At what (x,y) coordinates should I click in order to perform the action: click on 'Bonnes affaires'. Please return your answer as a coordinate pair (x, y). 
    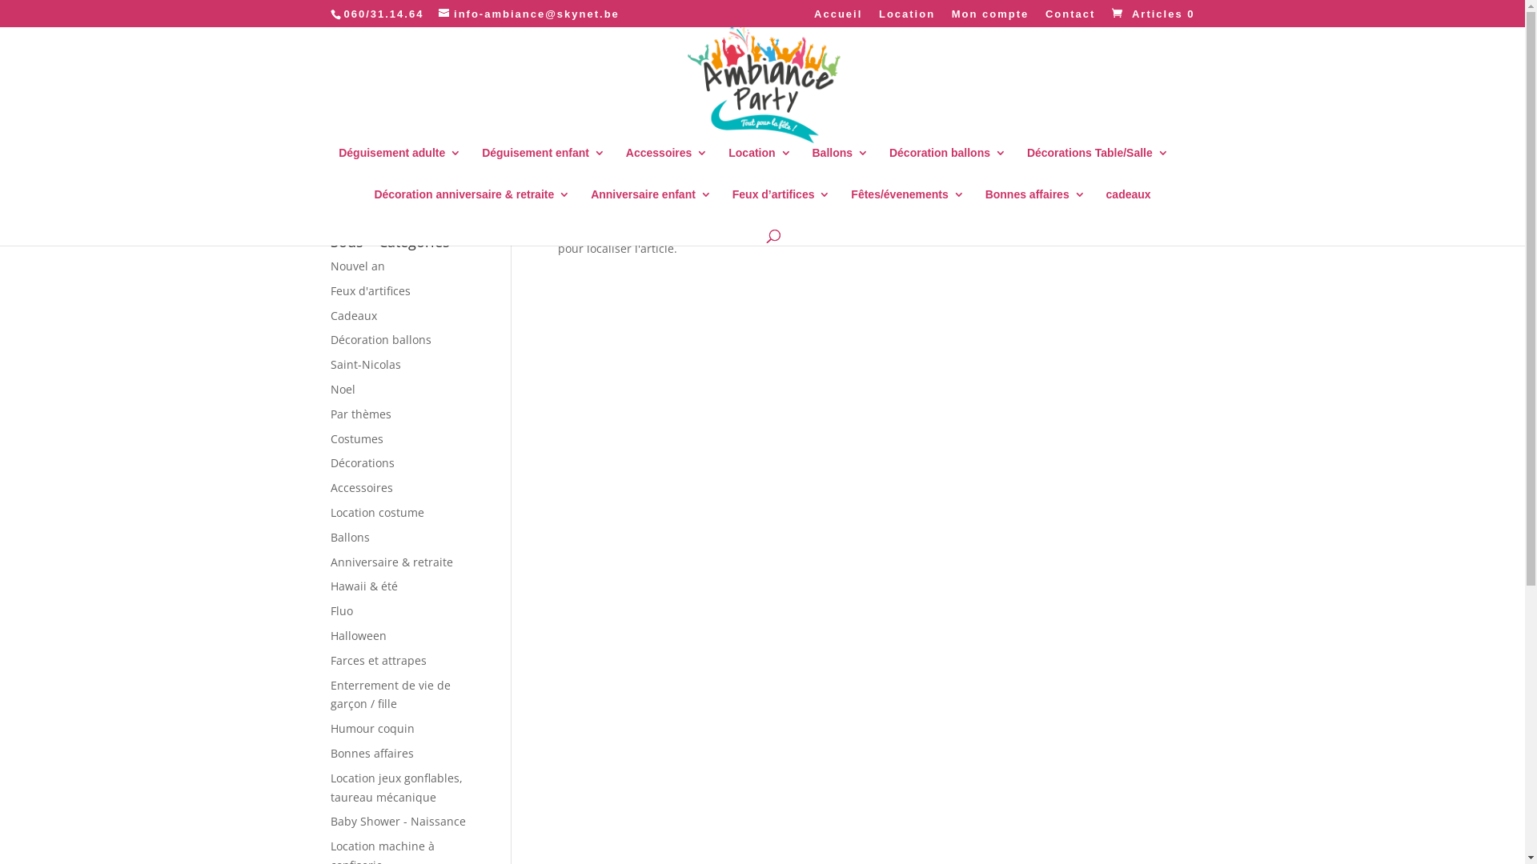
    Looking at the image, I should click on (1035, 206).